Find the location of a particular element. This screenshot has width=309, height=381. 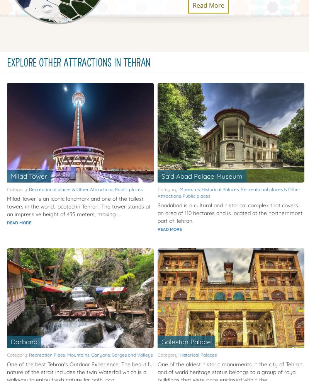

'Golestan Palace' is located at coordinates (186, 341).